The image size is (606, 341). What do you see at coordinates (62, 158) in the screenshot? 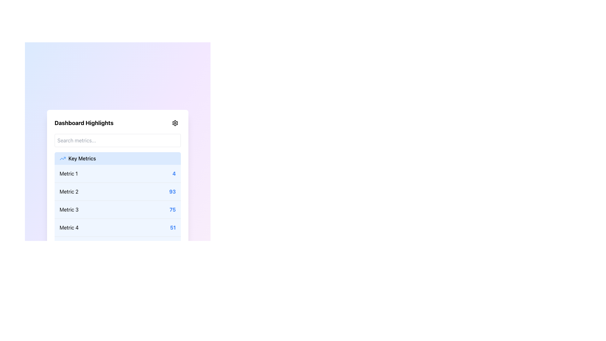
I see `the small upward trending blue arrow icon located to the left of the 'Key Metrics' text` at bounding box center [62, 158].